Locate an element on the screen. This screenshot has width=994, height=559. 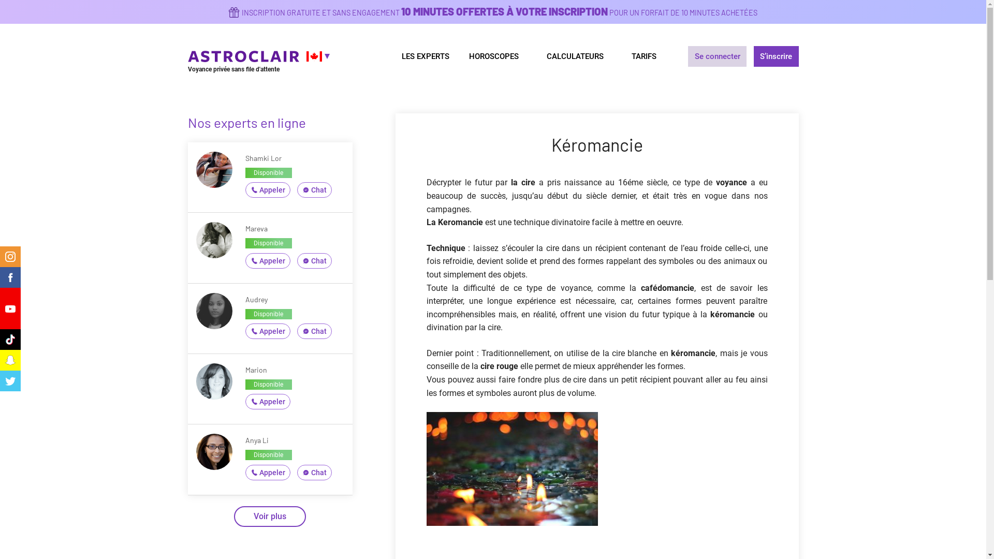
'Se connecter' is located at coordinates (688, 56).